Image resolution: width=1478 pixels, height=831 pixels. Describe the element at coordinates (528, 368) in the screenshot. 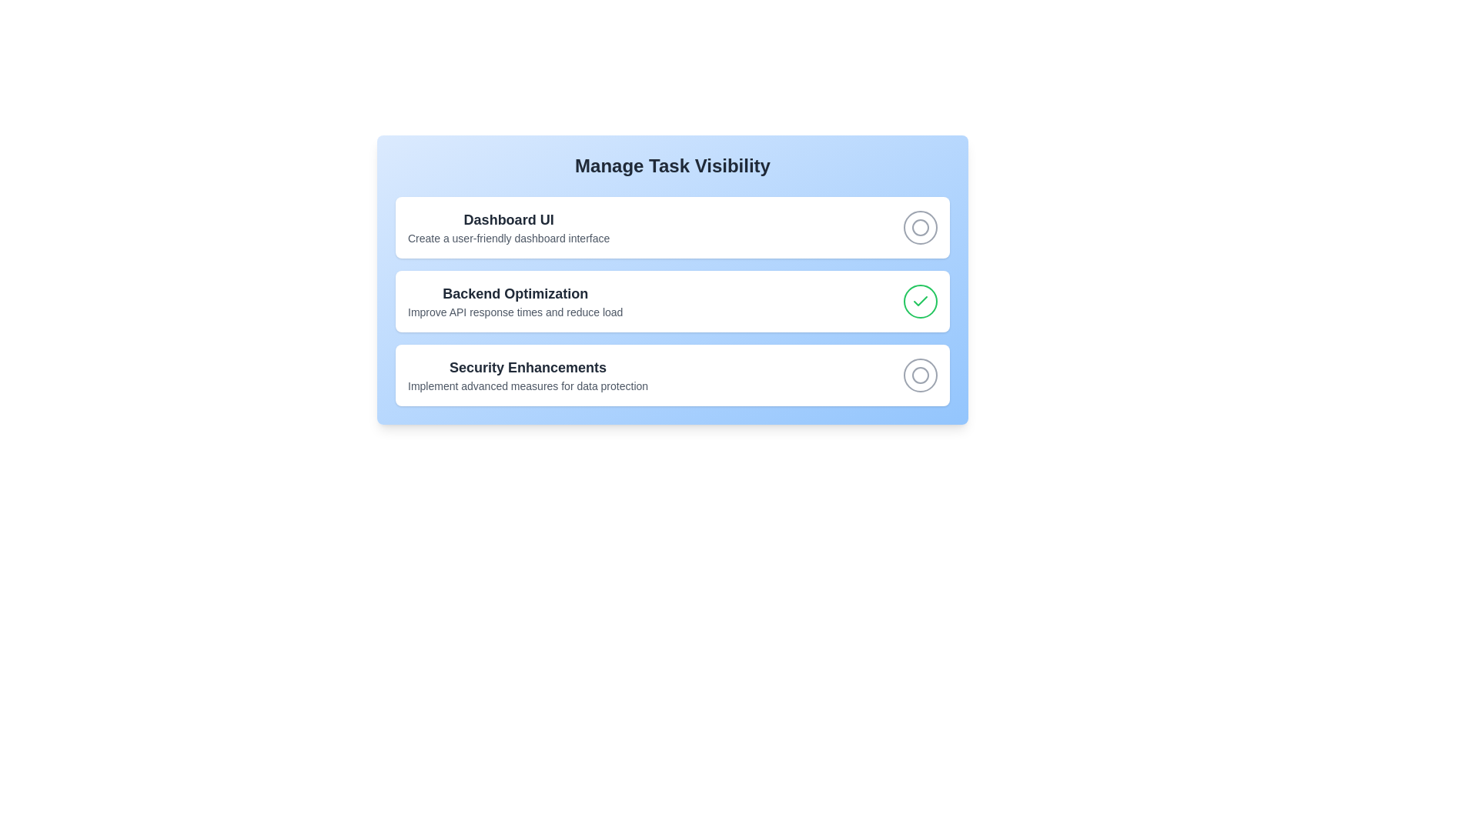

I see `the bold header text titled 'Security Enhancements' which is positioned at the top of the section under 'Manage Task Visibility'` at that location.